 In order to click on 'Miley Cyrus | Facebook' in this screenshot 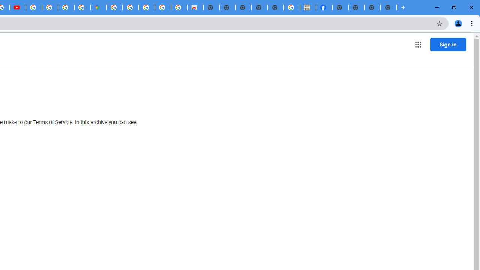, I will do `click(324, 7)`.